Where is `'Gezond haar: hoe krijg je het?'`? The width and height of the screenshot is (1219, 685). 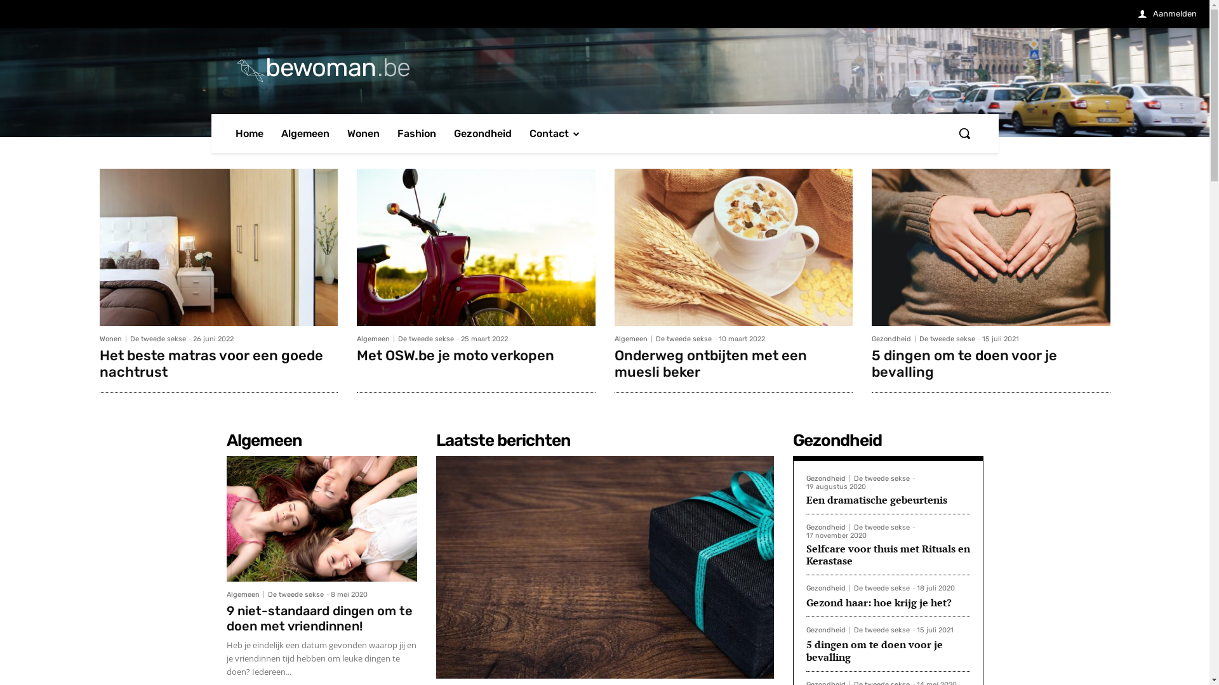
'Gezond haar: hoe krijg je het?' is located at coordinates (878, 601).